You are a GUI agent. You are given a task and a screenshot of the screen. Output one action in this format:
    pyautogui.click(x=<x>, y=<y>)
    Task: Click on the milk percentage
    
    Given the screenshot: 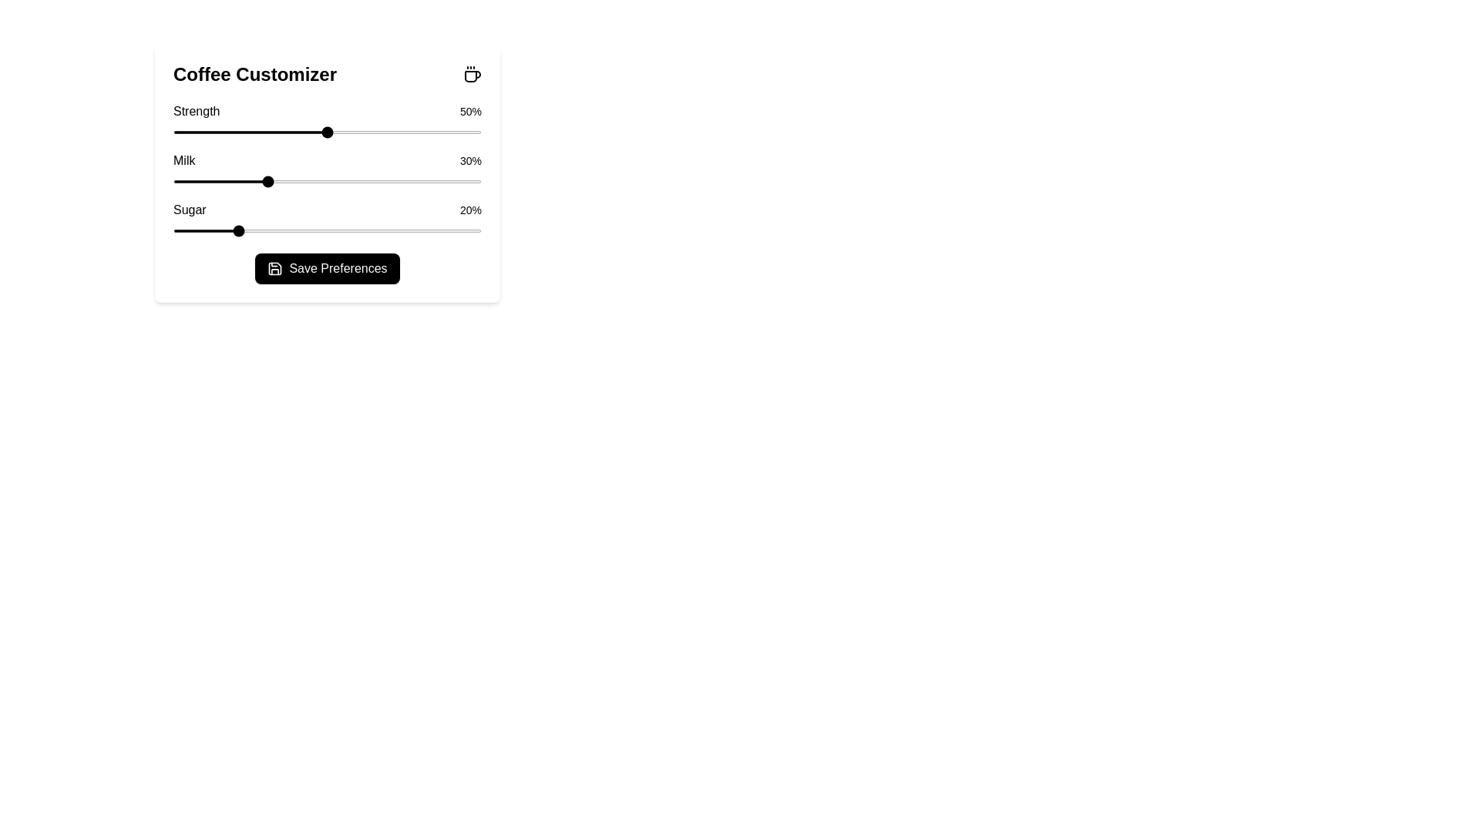 What is the action you would take?
    pyautogui.click(x=185, y=180)
    